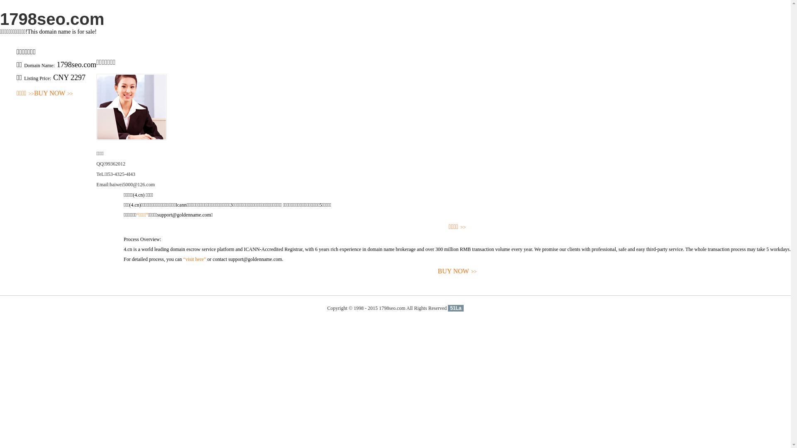 The width and height of the screenshot is (797, 448). Describe the element at coordinates (457, 271) in the screenshot. I see `'BUY NOW>>'` at that location.